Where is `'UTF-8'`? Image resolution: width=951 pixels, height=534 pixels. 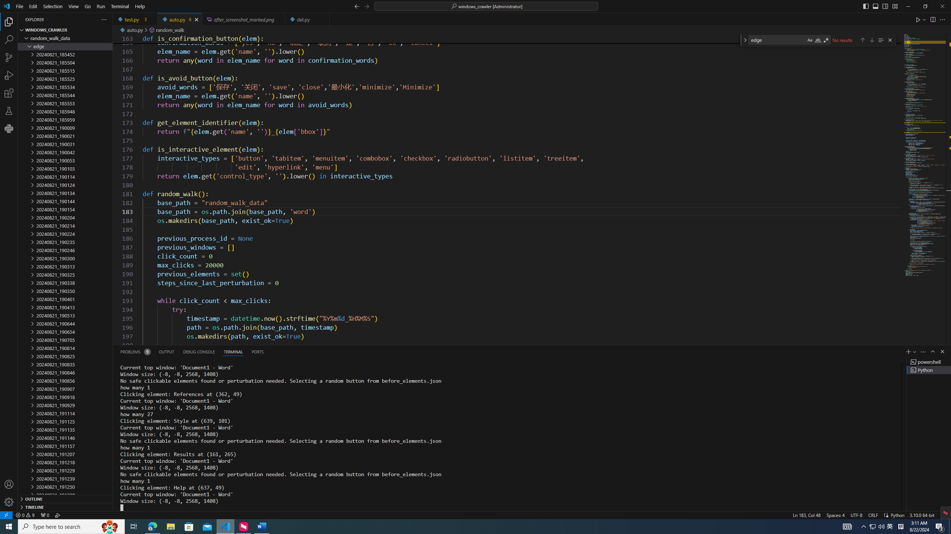 'UTF-8' is located at coordinates (856, 514).